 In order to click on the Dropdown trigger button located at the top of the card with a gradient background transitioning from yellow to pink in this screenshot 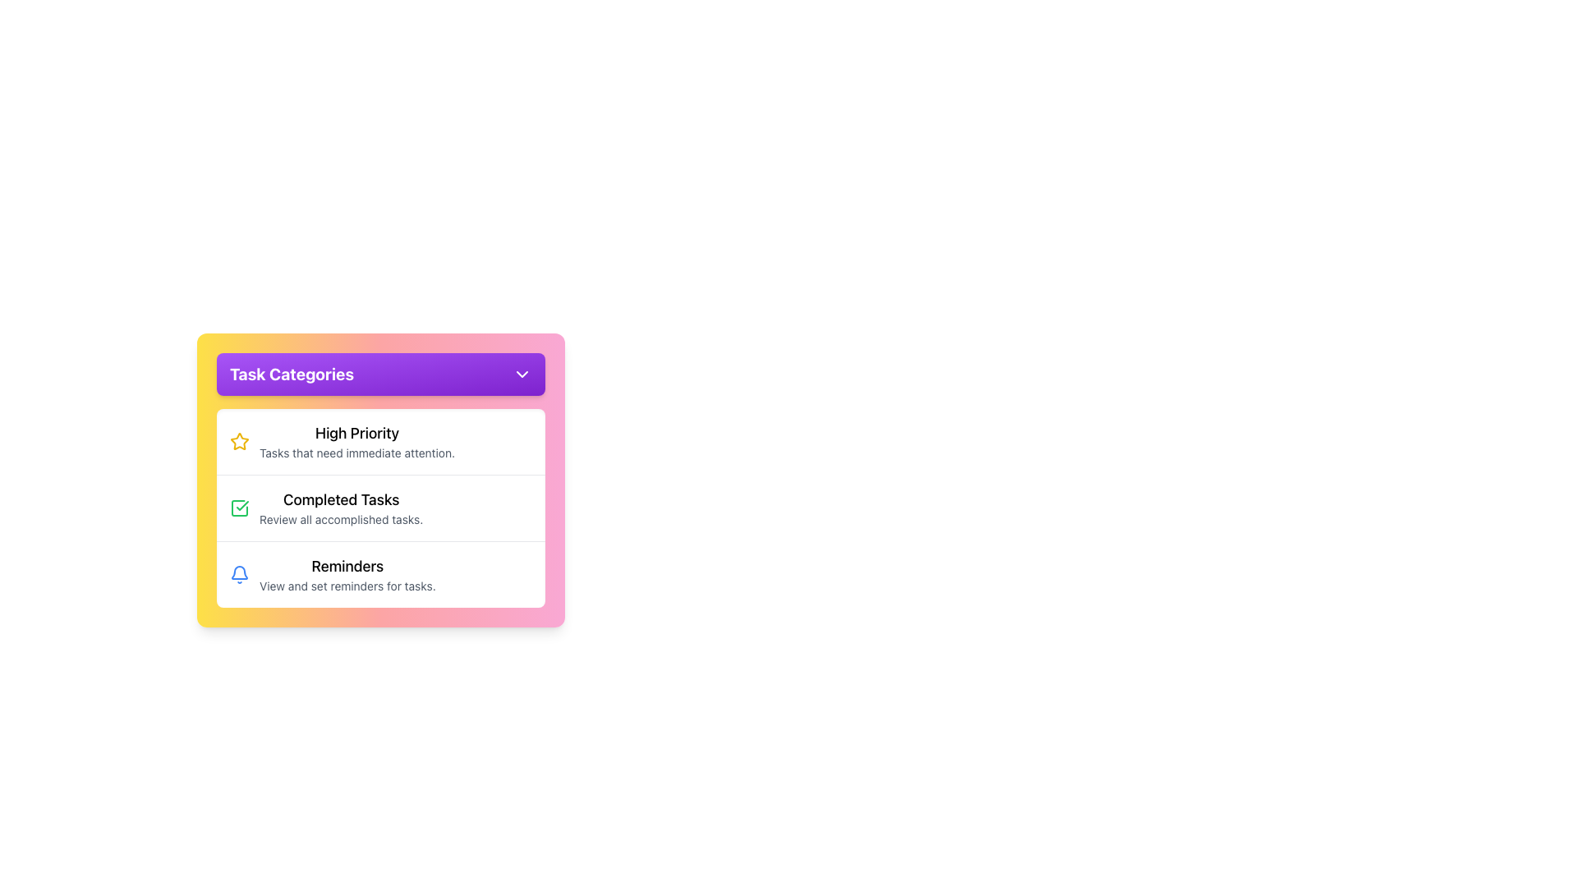, I will do `click(380, 374)`.